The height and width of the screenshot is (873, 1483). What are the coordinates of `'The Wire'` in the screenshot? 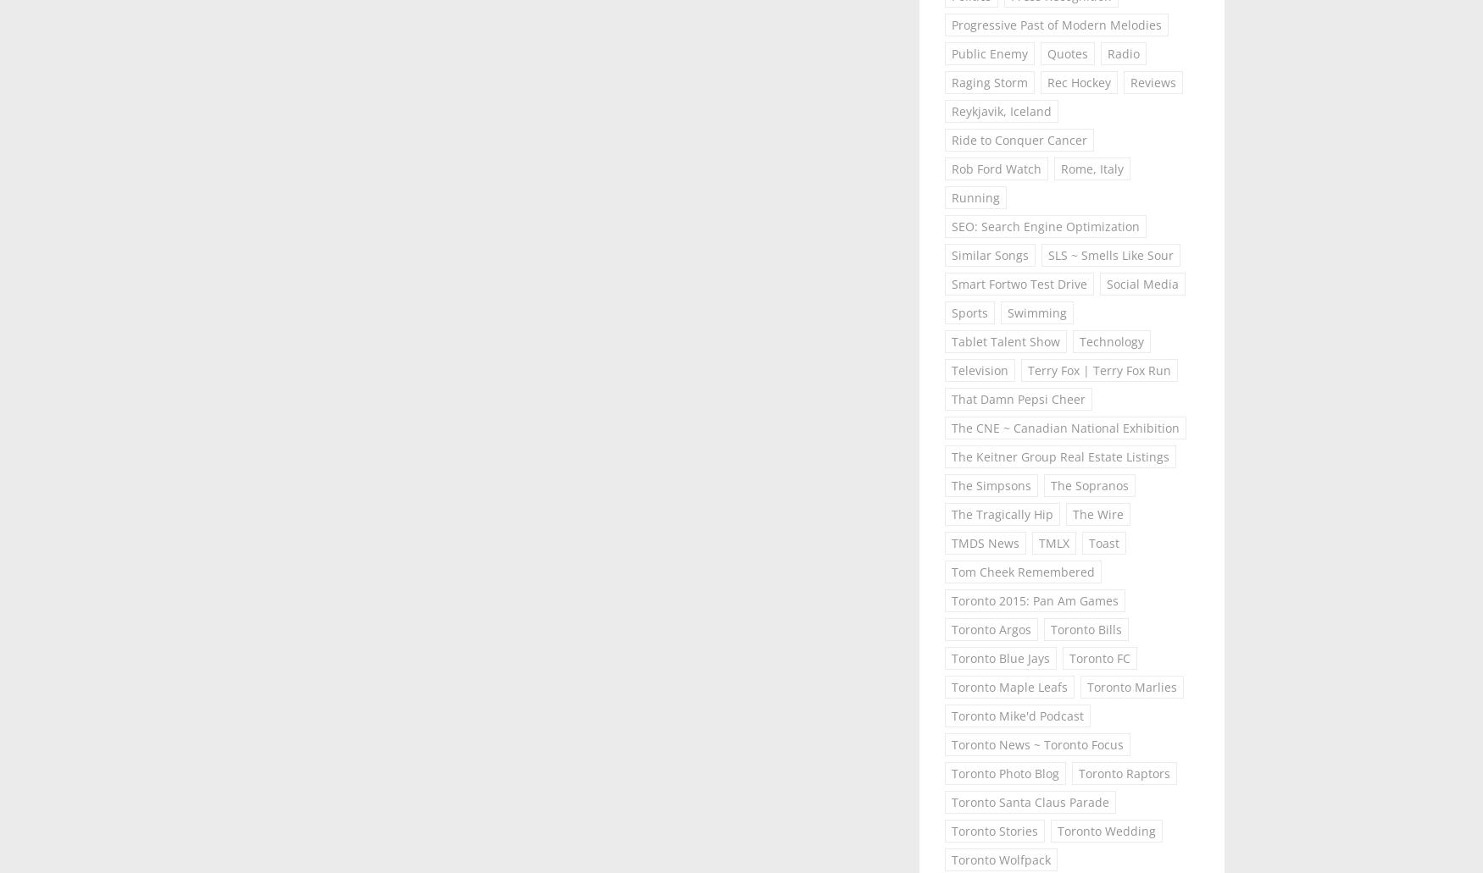 It's located at (1097, 512).